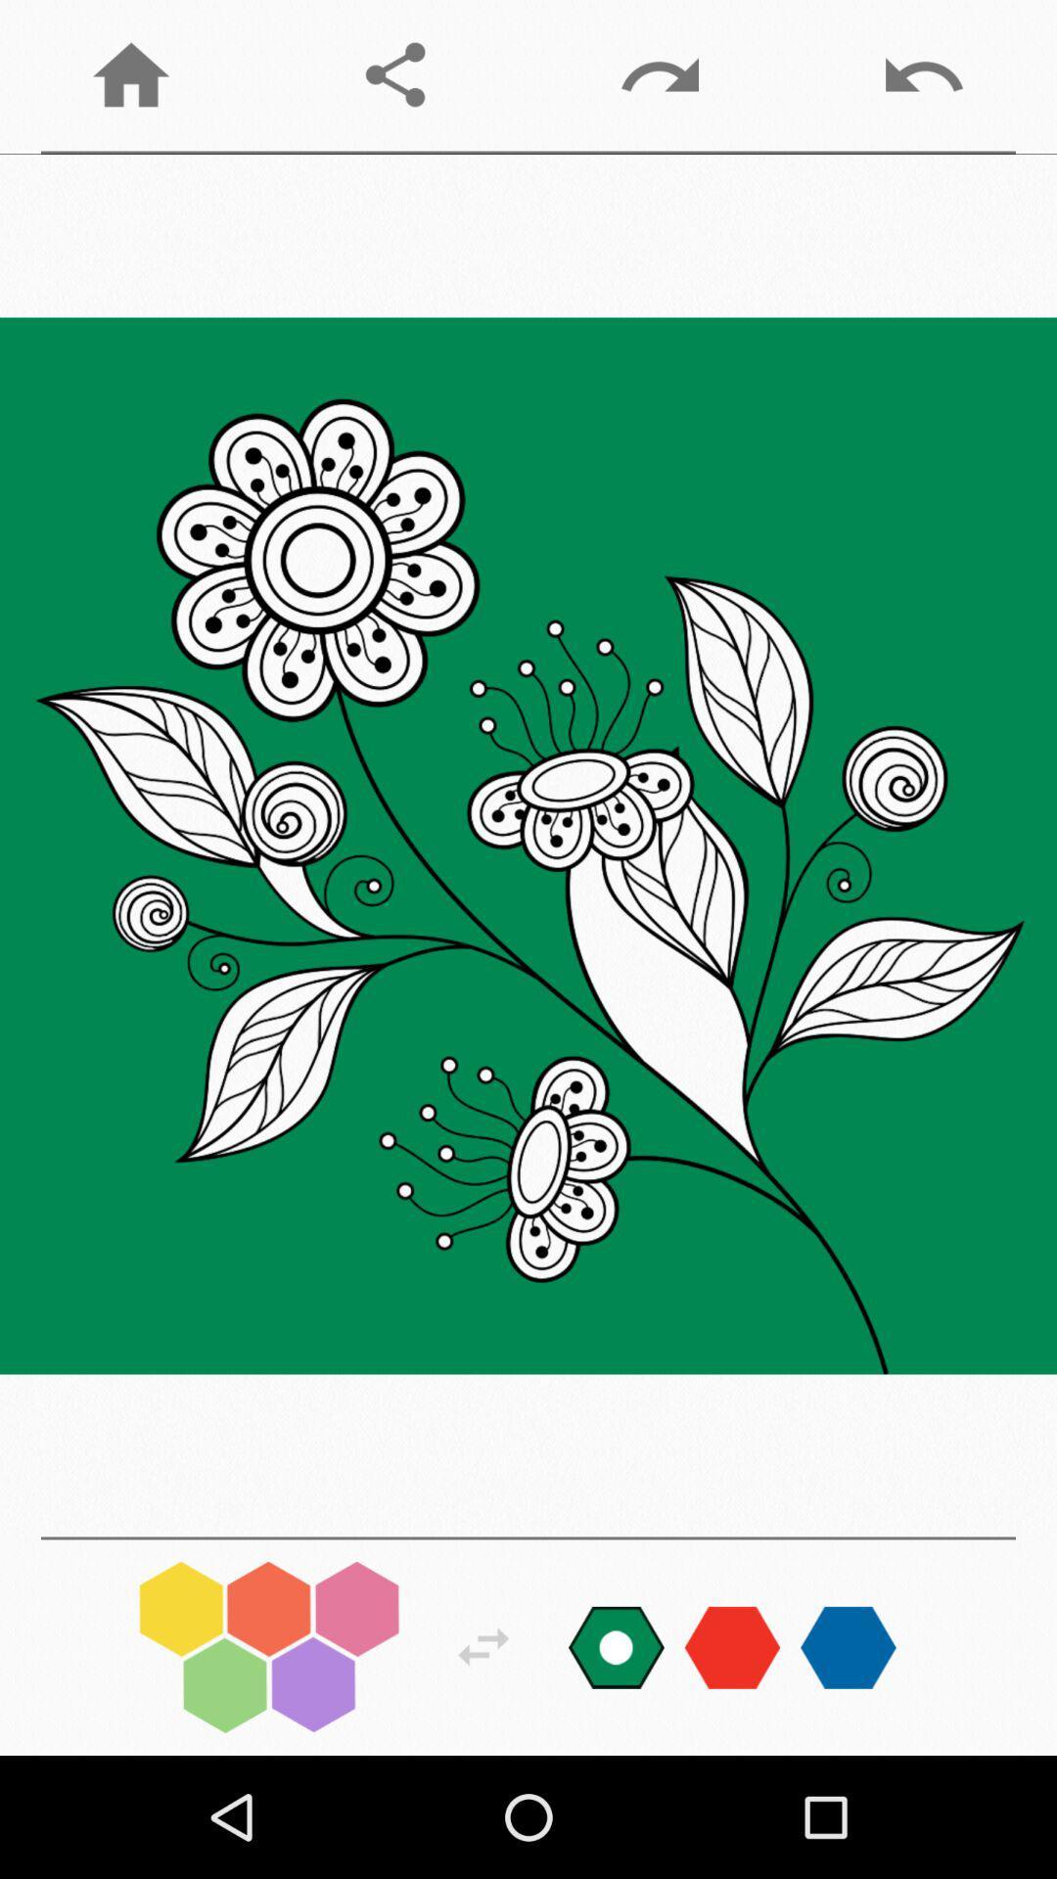 The height and width of the screenshot is (1879, 1057). What do you see at coordinates (483, 1646) in the screenshot?
I see `this button in bankspace` at bounding box center [483, 1646].